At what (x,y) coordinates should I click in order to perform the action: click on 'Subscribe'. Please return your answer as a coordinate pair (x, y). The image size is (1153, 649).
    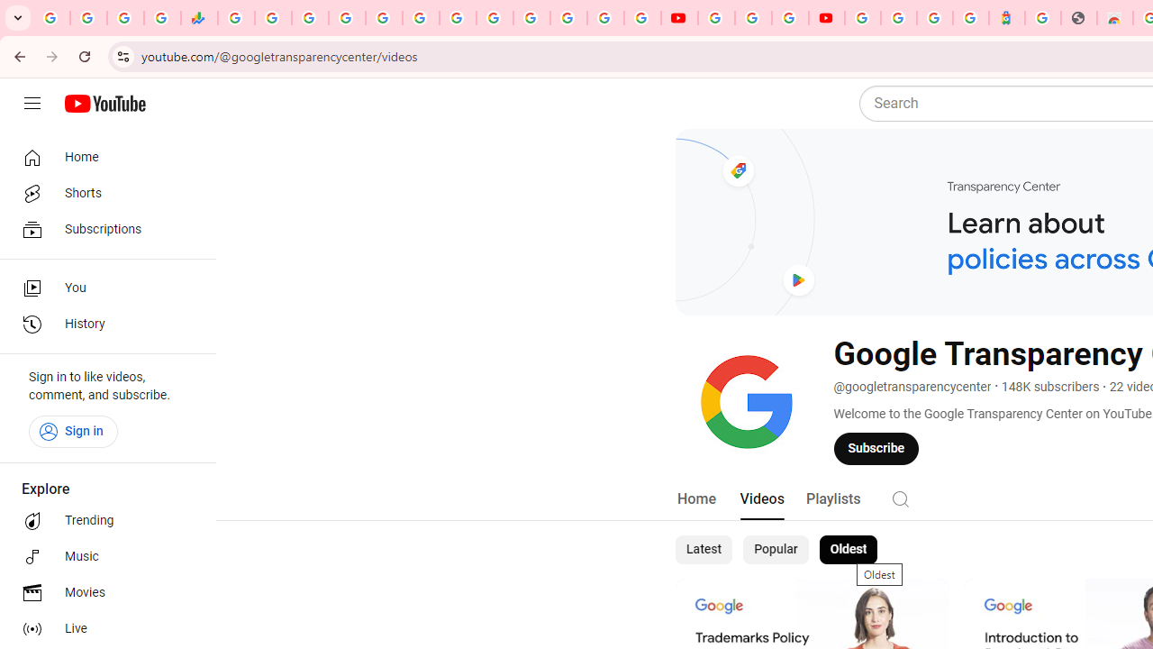
    Looking at the image, I should click on (876, 447).